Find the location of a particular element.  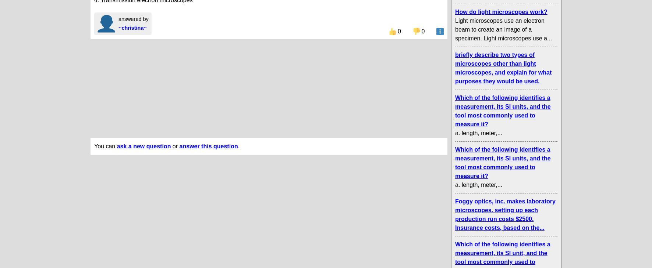

'.' is located at coordinates (238, 145).